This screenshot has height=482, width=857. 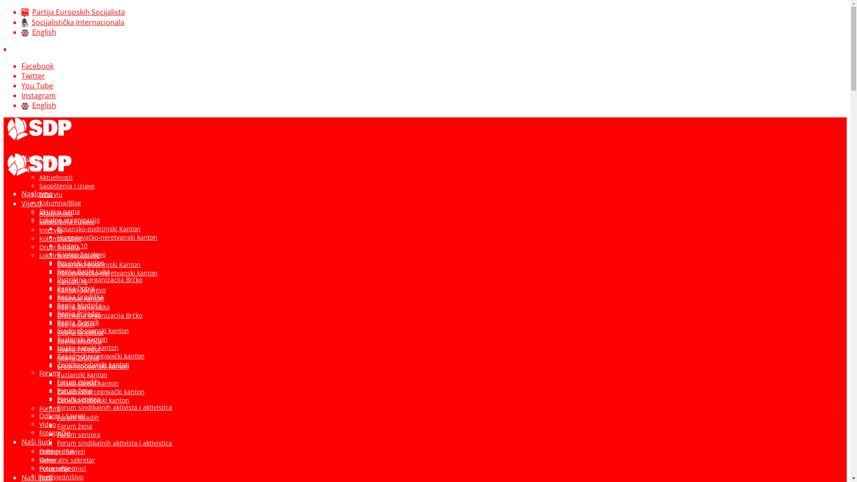 I want to click on 'Regija Banja Luka', so click(x=83, y=270).